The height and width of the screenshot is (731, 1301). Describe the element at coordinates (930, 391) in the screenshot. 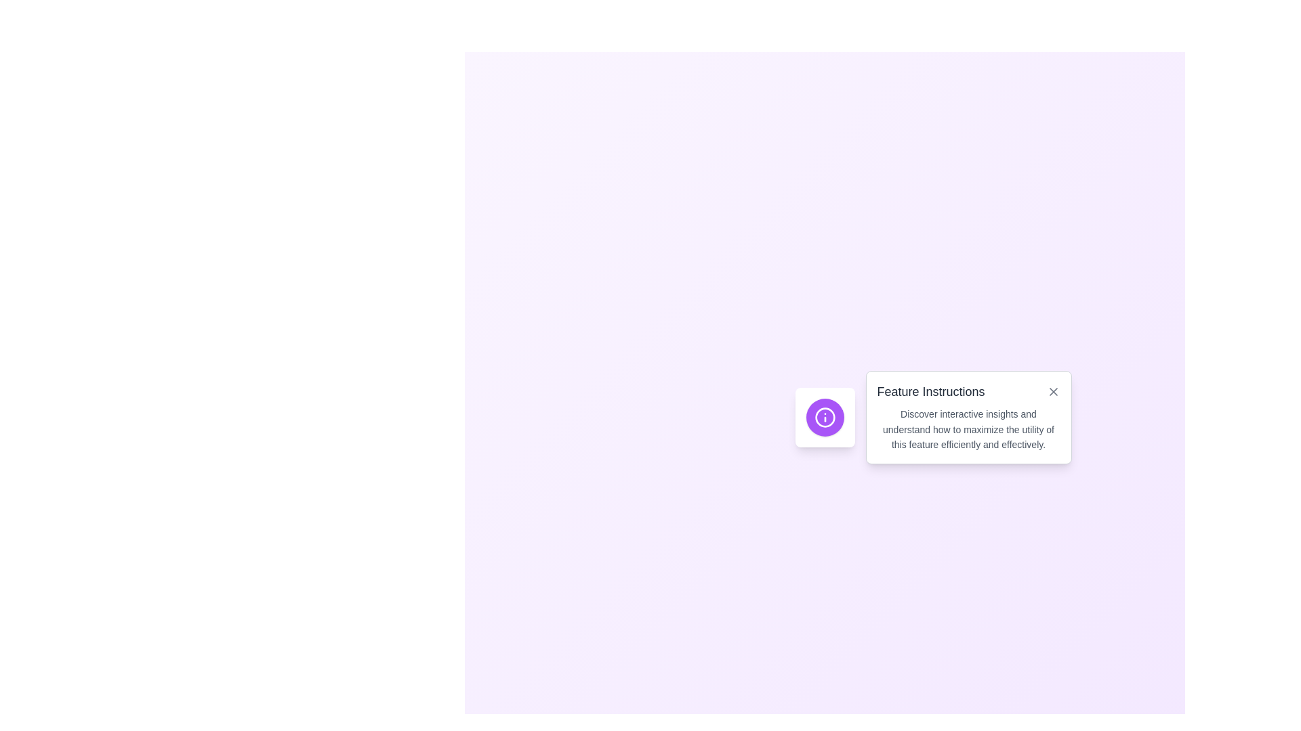

I see `text label located at the top section of the white pop-up box, which serves as a header or title providing context about the details or instructions that follow` at that location.